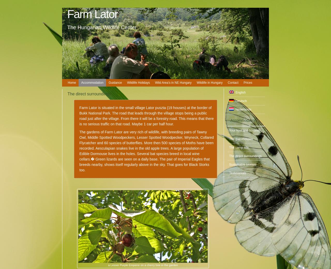  Describe the element at coordinates (243, 120) in the screenshot. I see `'Accommodation'` at that location.